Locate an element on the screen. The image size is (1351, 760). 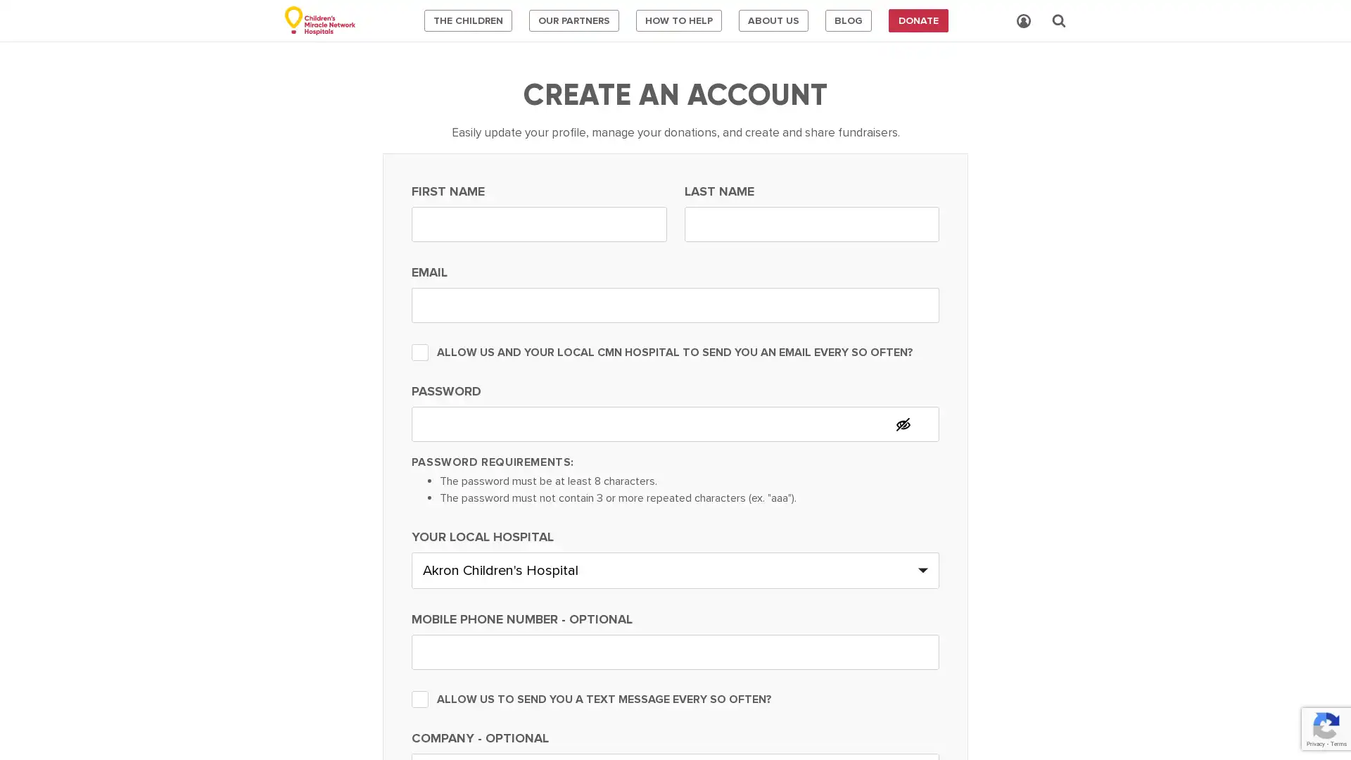
Hide password is located at coordinates (904, 423).